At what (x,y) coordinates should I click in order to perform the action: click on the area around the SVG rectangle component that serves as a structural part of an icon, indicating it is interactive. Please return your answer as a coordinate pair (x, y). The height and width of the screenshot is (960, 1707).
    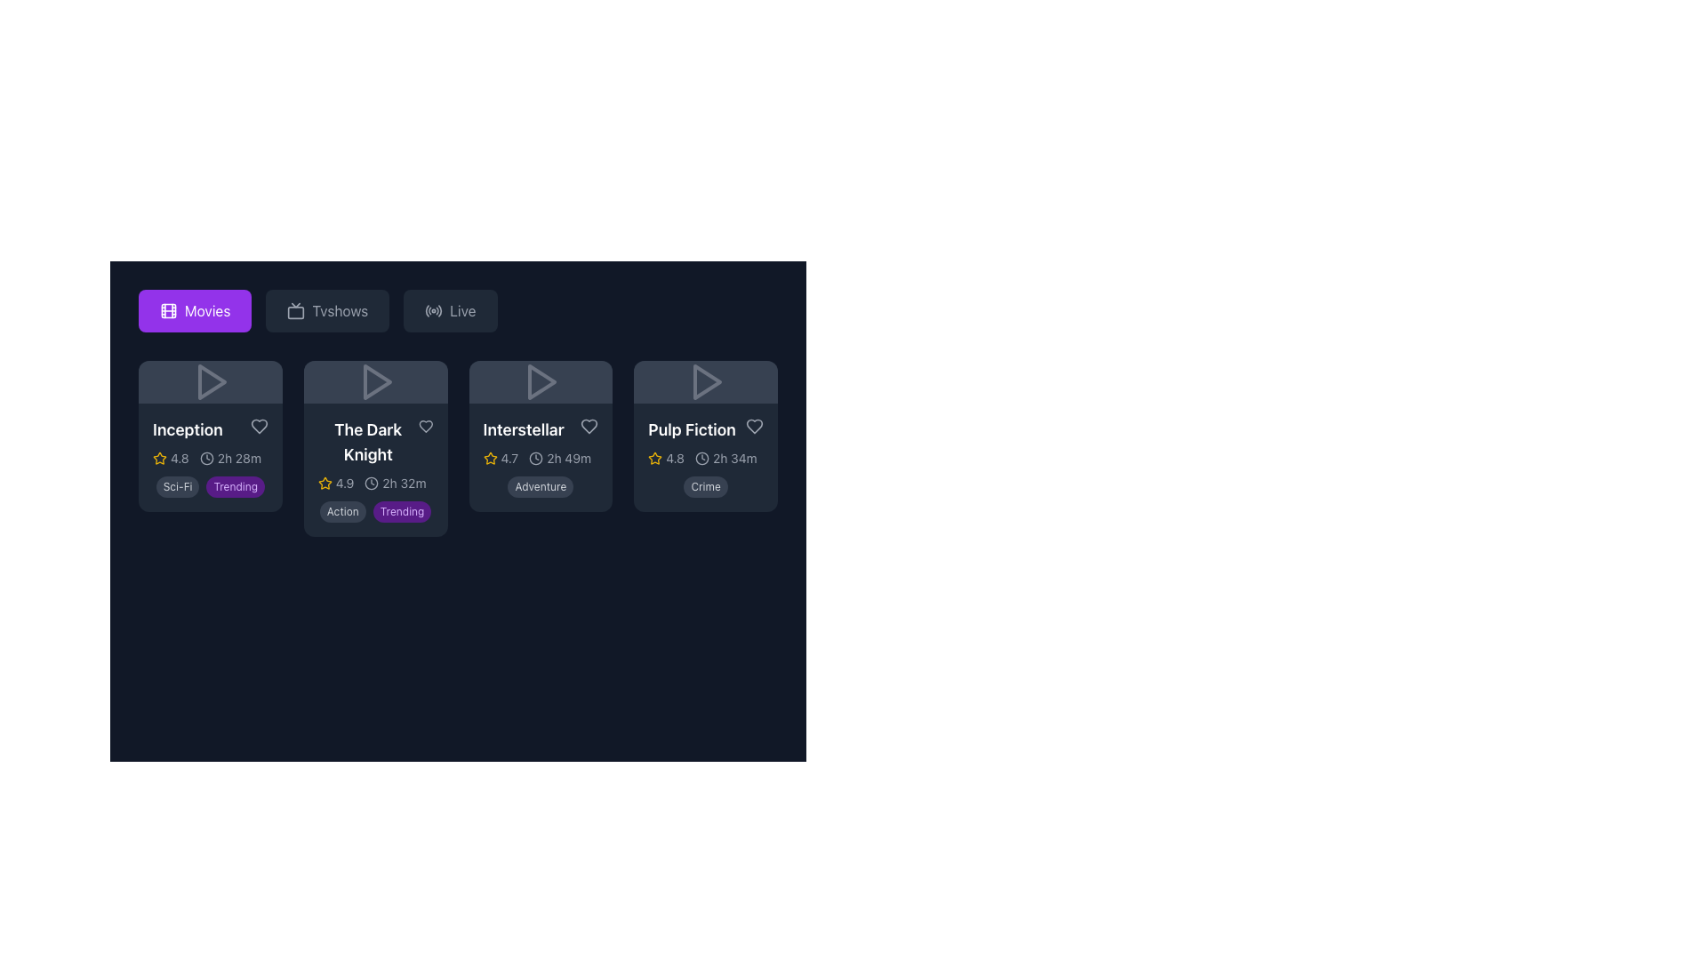
    Looking at the image, I should click on (169, 310).